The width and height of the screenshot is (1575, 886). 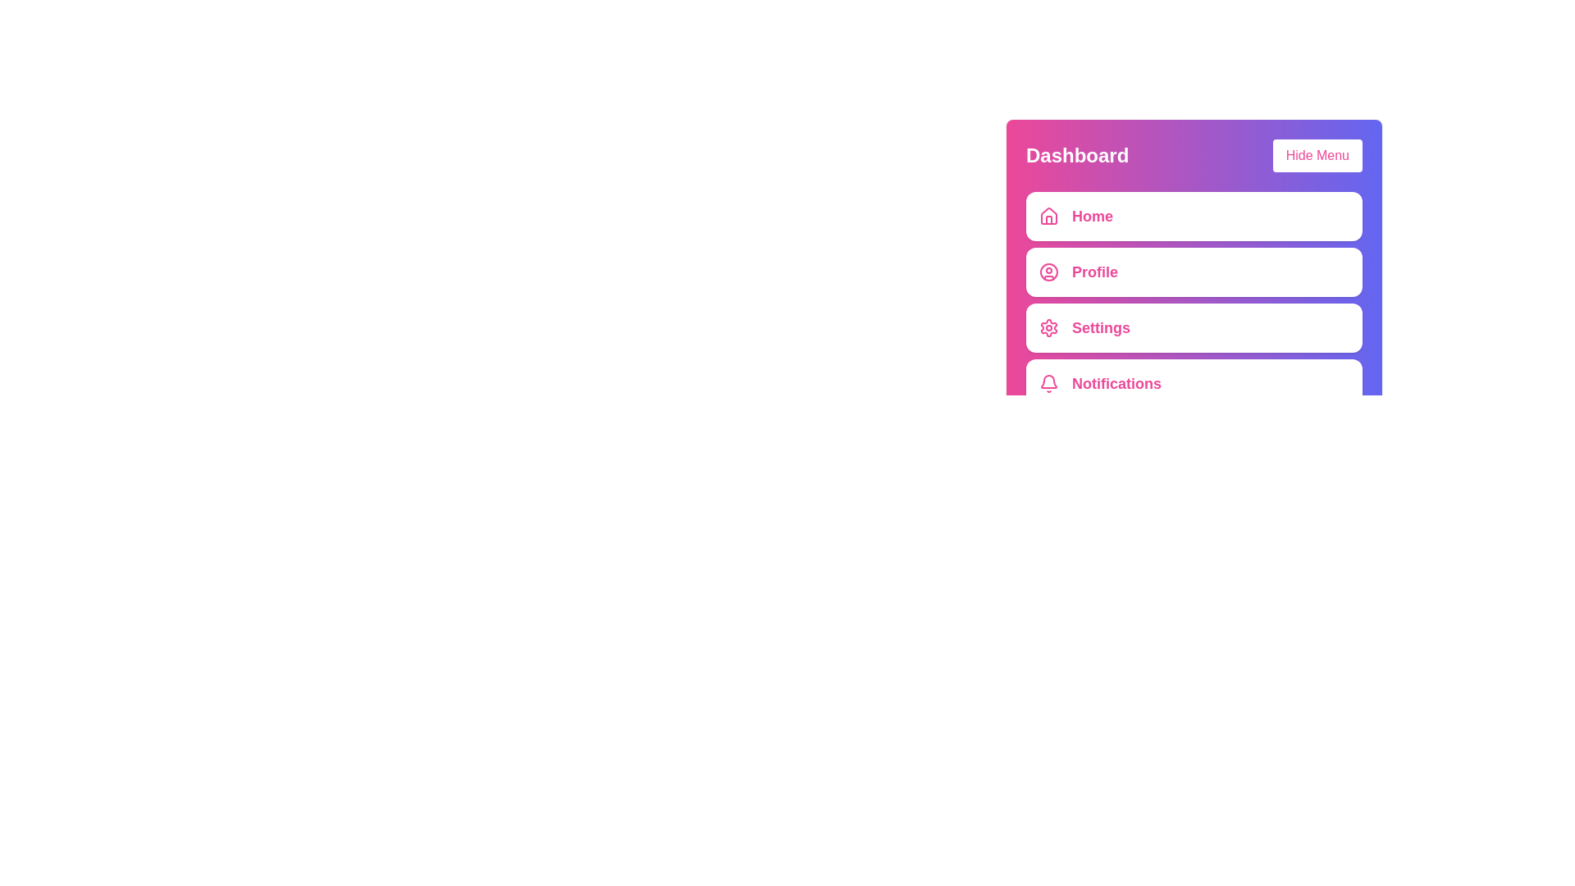 I want to click on the menu item labeled Profile to observe its hover effect, so click(x=1194, y=271).